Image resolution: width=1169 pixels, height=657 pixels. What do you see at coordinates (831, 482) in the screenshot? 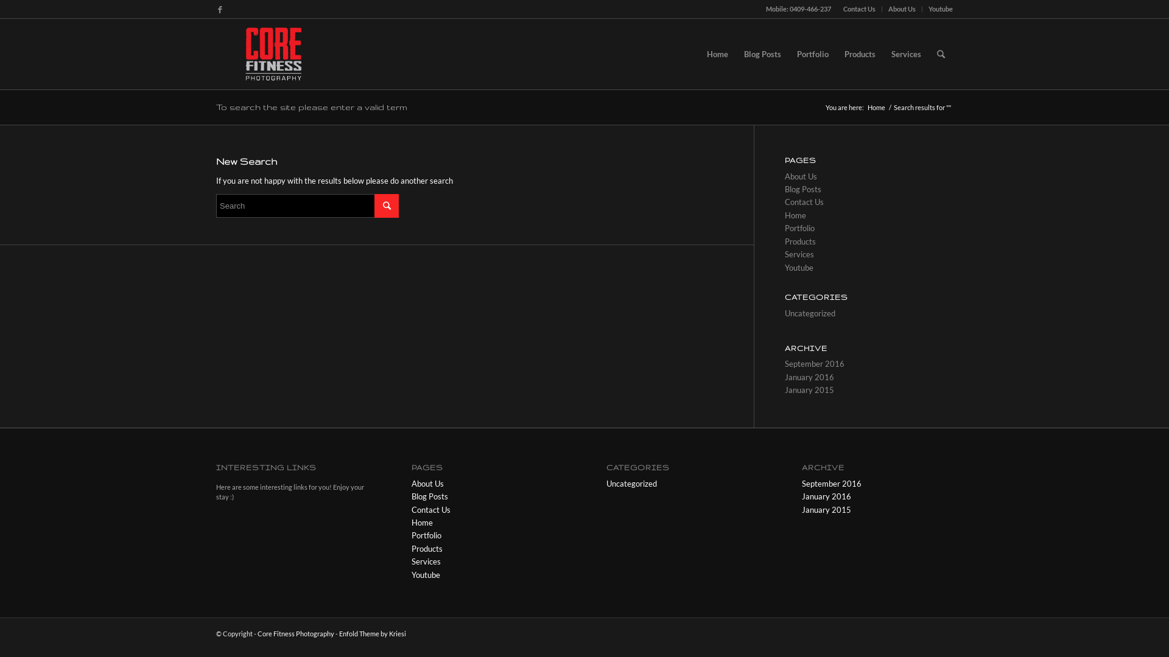
I see `'September 2016'` at bounding box center [831, 482].